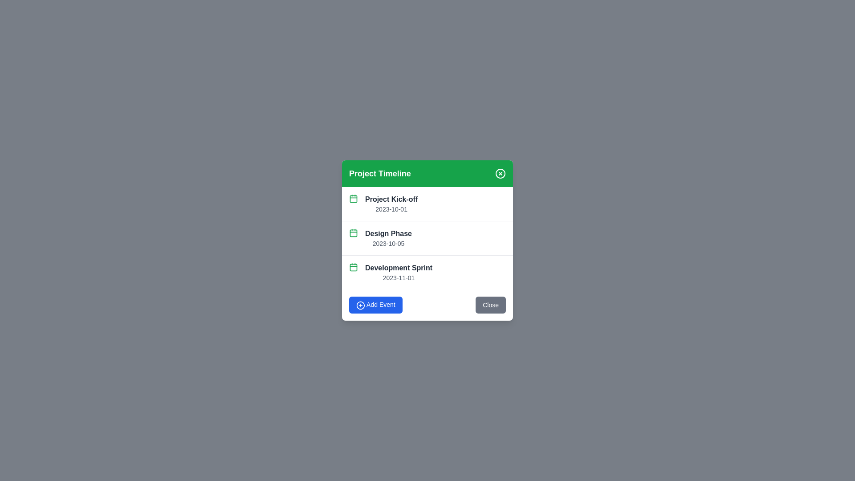  I want to click on the close button in the dialog's title bar to close the dialog, so click(500, 173).